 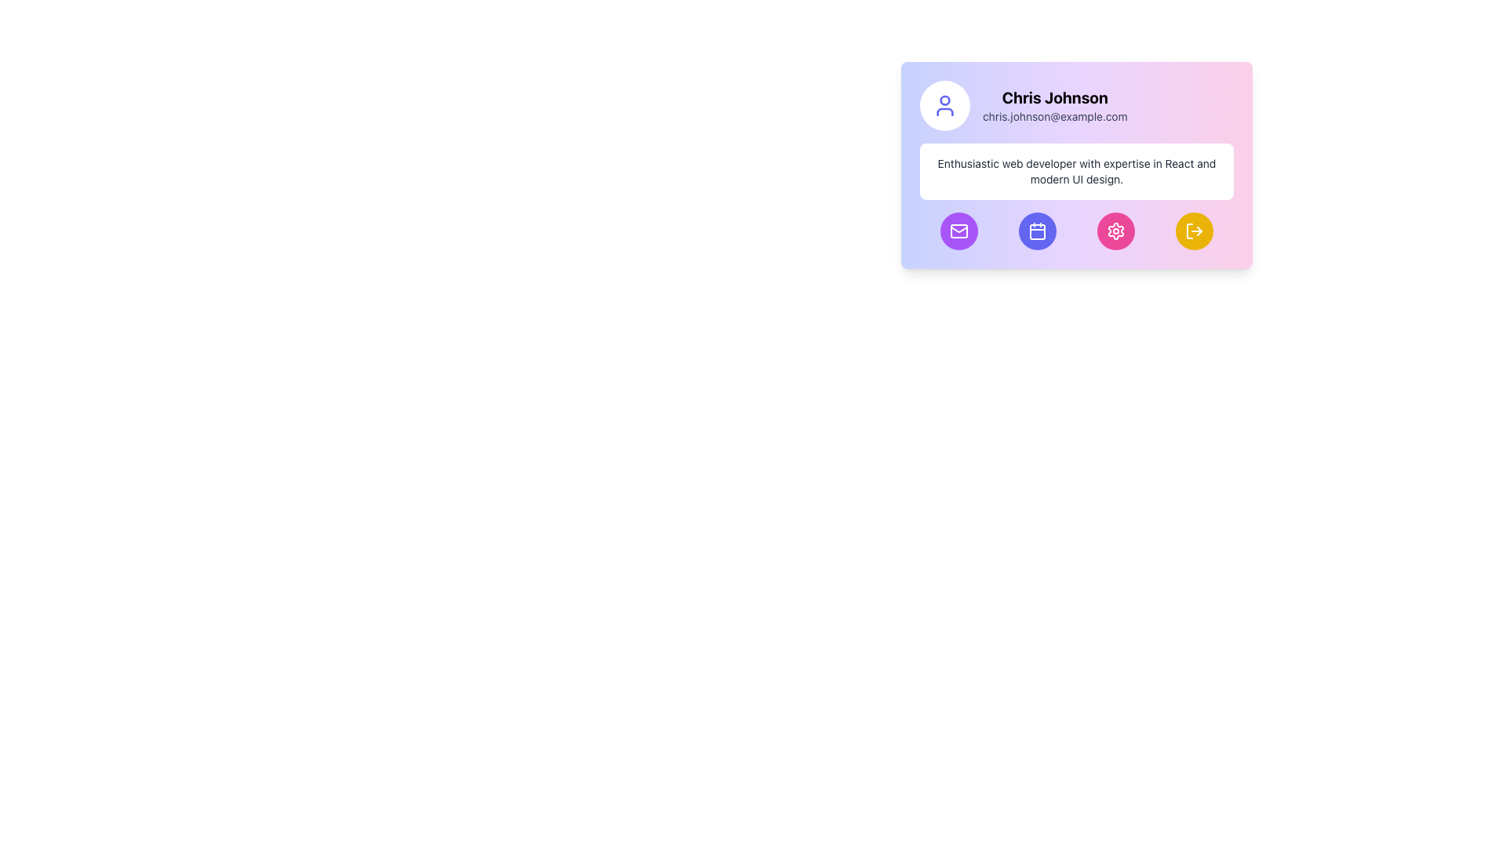 What do you see at coordinates (1055, 116) in the screenshot?
I see `the text label displaying the email address 'chris.johnson@example.com', which is styled in gray and appears below the name 'Chris Johnson' in a card layout` at bounding box center [1055, 116].